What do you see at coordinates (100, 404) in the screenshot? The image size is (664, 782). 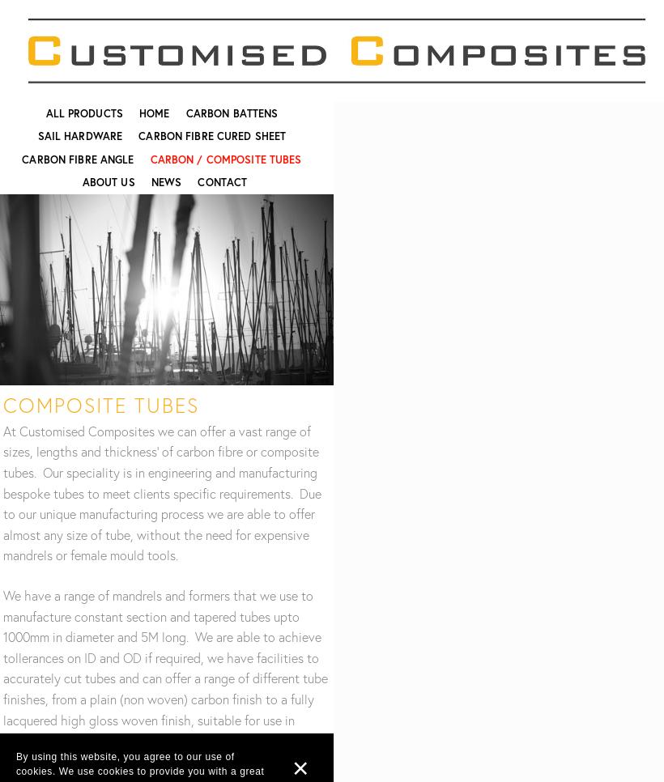 I see `'COMPOSITE Tubes'` at bounding box center [100, 404].